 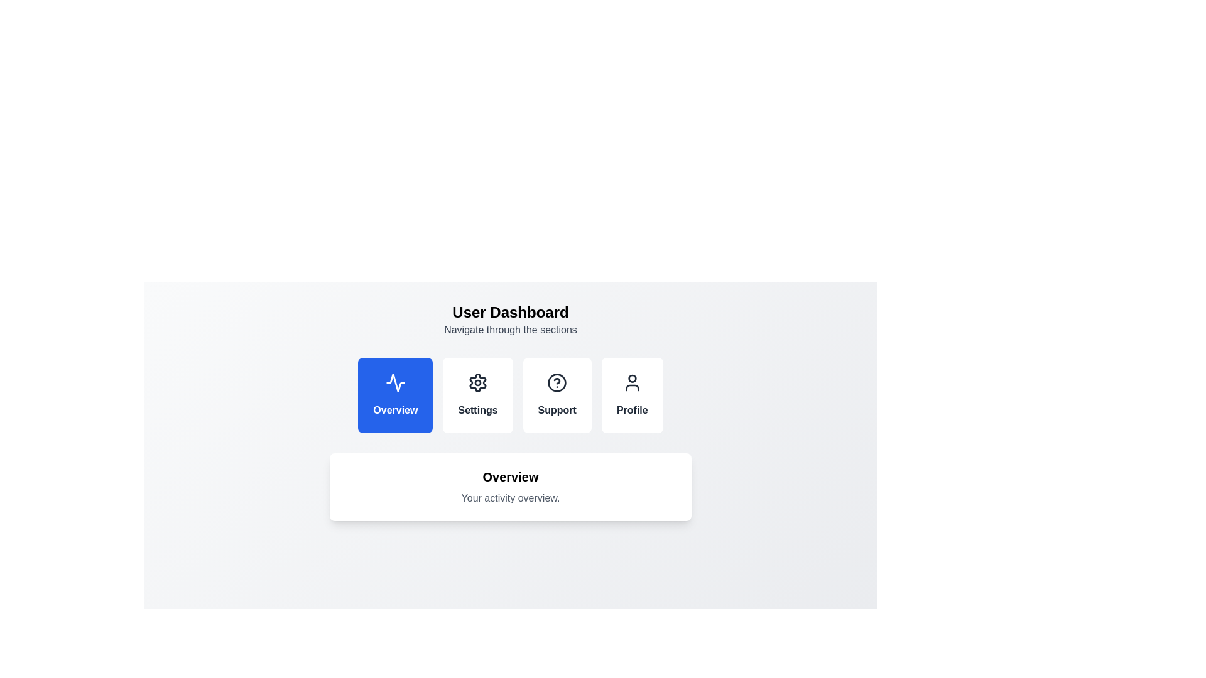 What do you see at coordinates (632, 378) in the screenshot?
I see `the circular user profile icon located on the right side of the main navigation options` at bounding box center [632, 378].